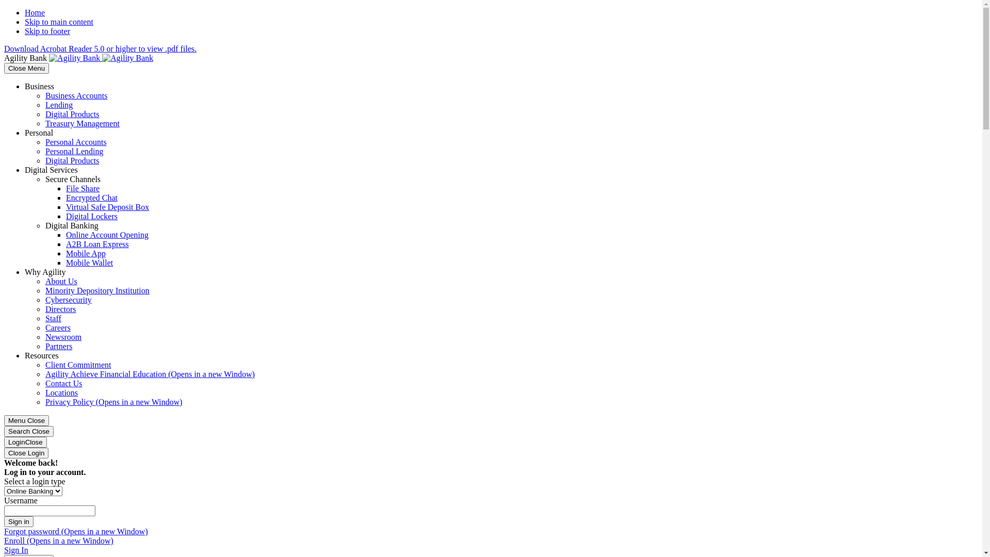 Image resolution: width=990 pixels, height=557 pixels. What do you see at coordinates (89, 262) in the screenshot?
I see `'Mobile Wallet'` at bounding box center [89, 262].